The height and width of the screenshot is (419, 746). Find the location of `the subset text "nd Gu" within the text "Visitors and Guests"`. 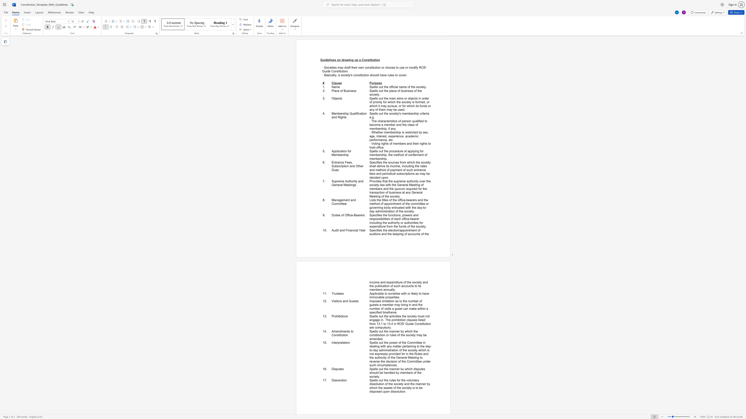

the subset text "nd Gu" within the text "Visitors and Guests" is located at coordinates (344, 301).